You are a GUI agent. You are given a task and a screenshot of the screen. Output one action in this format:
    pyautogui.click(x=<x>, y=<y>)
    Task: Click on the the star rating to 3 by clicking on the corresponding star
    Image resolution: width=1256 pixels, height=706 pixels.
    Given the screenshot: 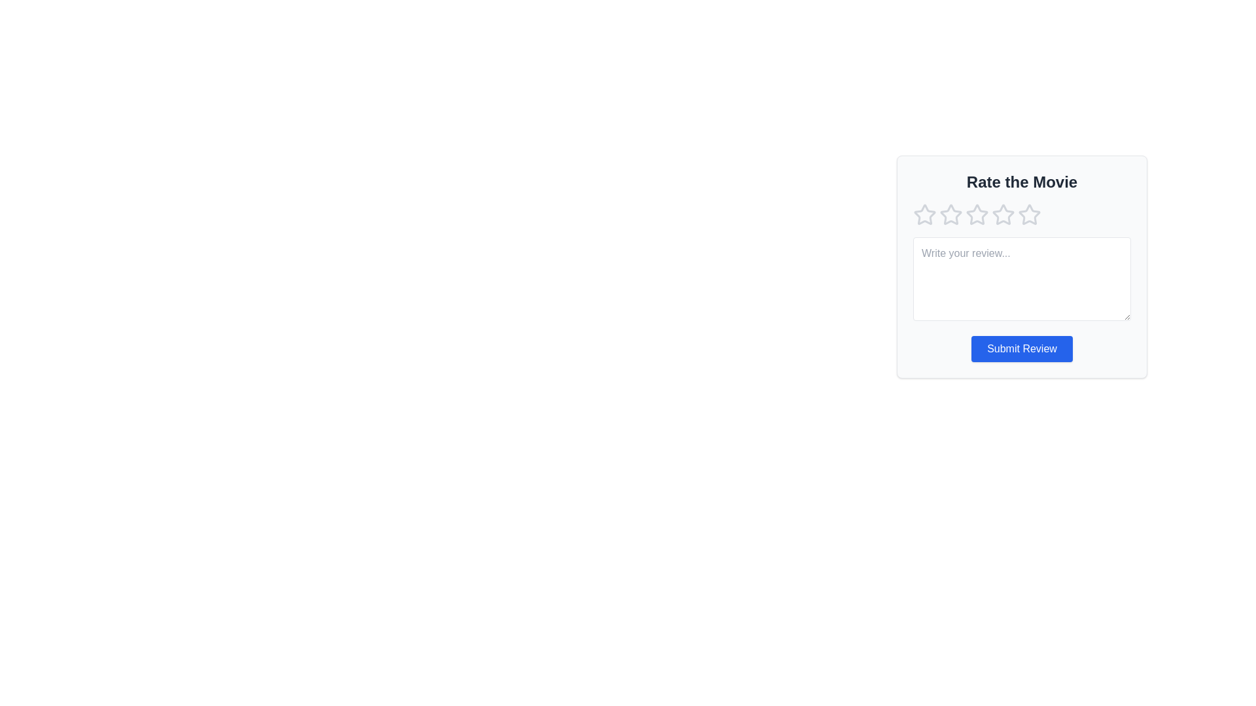 What is the action you would take?
    pyautogui.click(x=977, y=214)
    